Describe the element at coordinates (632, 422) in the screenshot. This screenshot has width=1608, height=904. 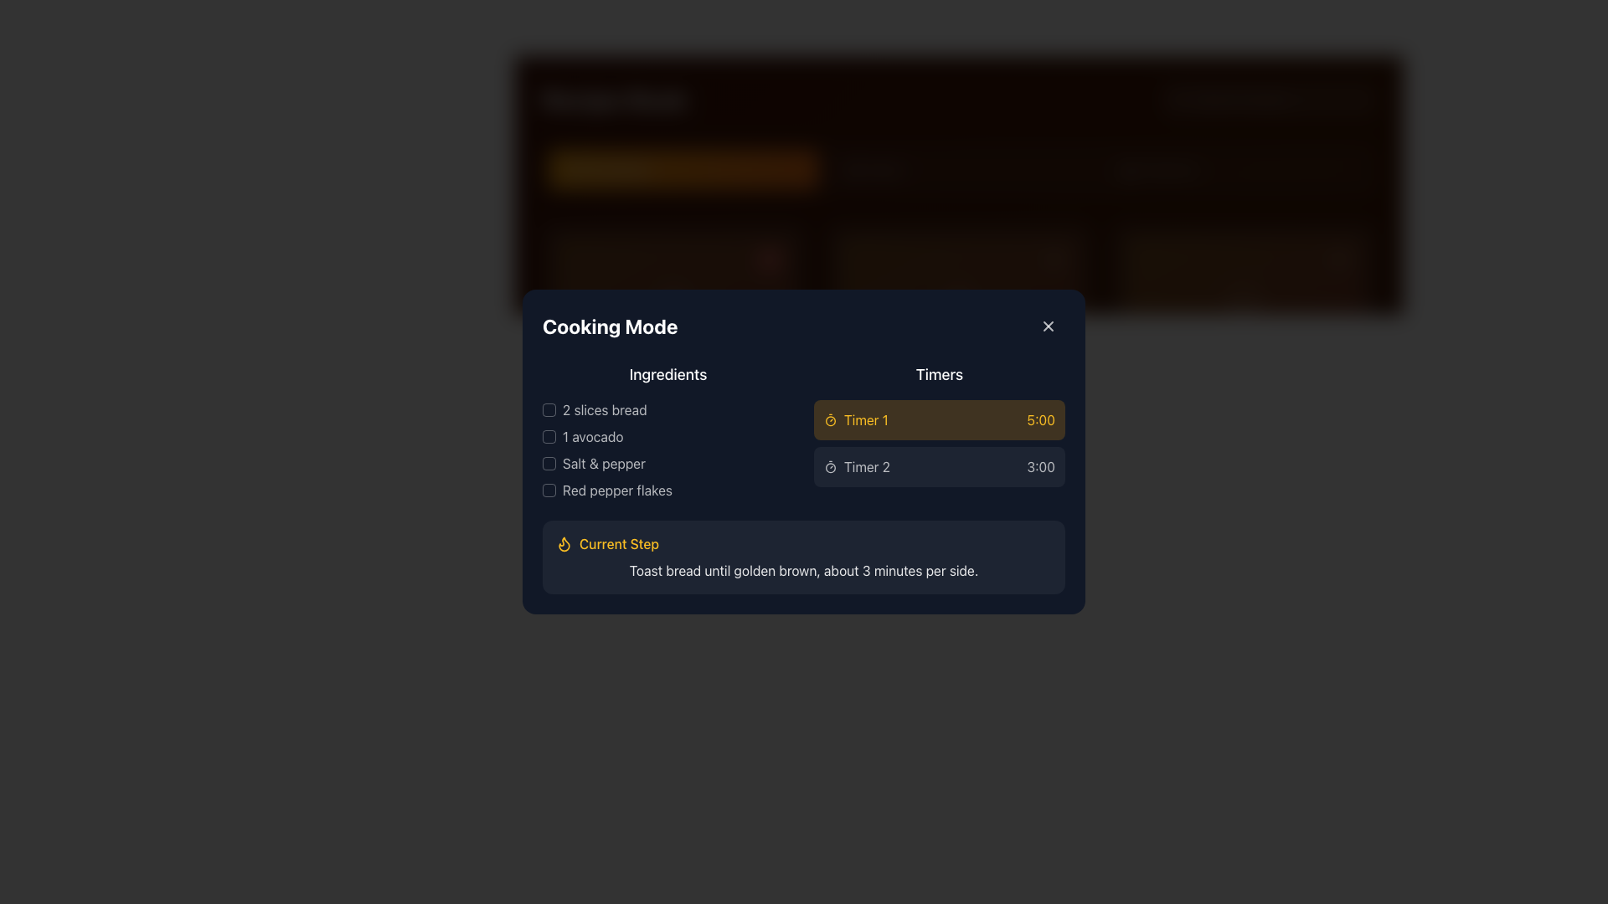
I see `the SVG graphic icon that represents a group of users, located near the number '2' within a horizontal grouping of icons and text` at that location.